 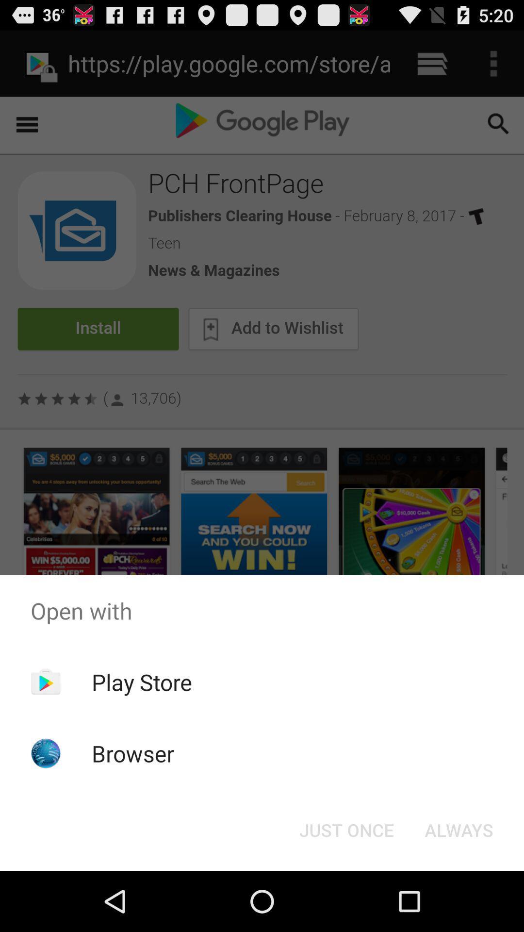 I want to click on item below open with app, so click(x=346, y=829).